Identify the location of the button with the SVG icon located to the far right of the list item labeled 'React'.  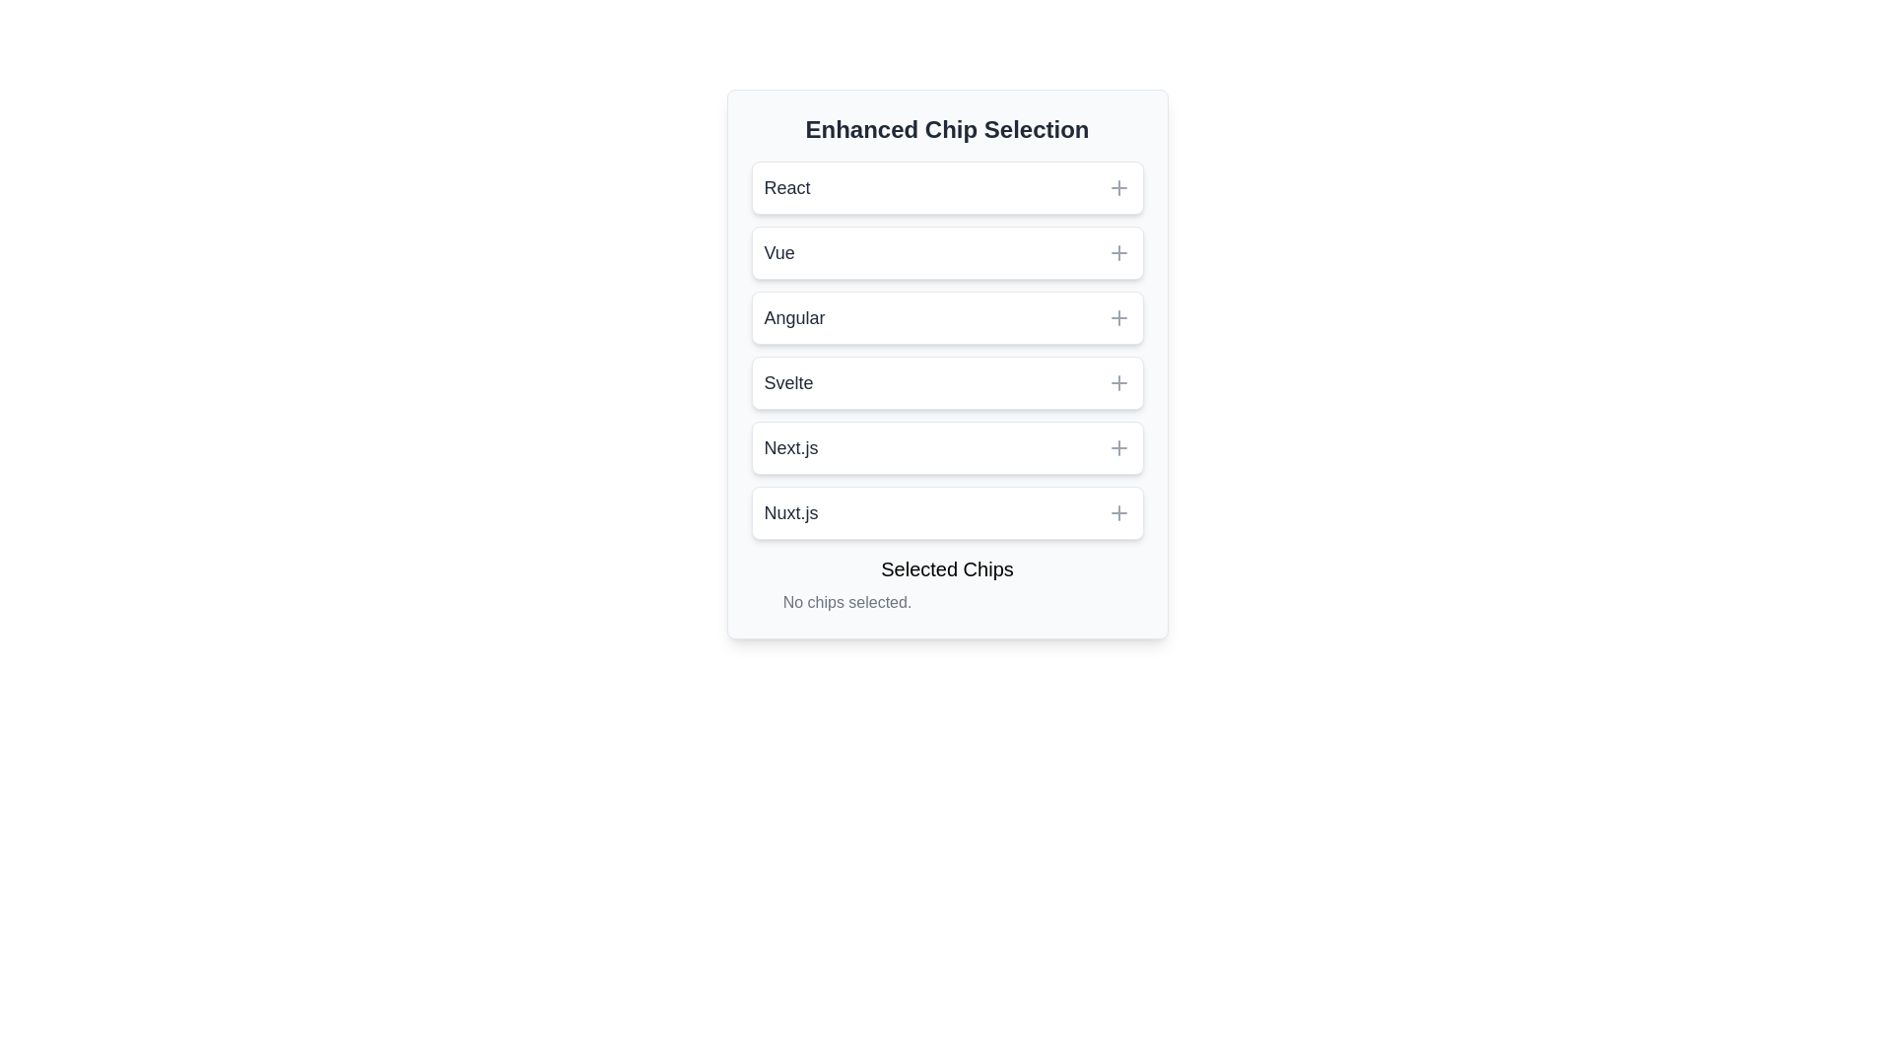
(1118, 188).